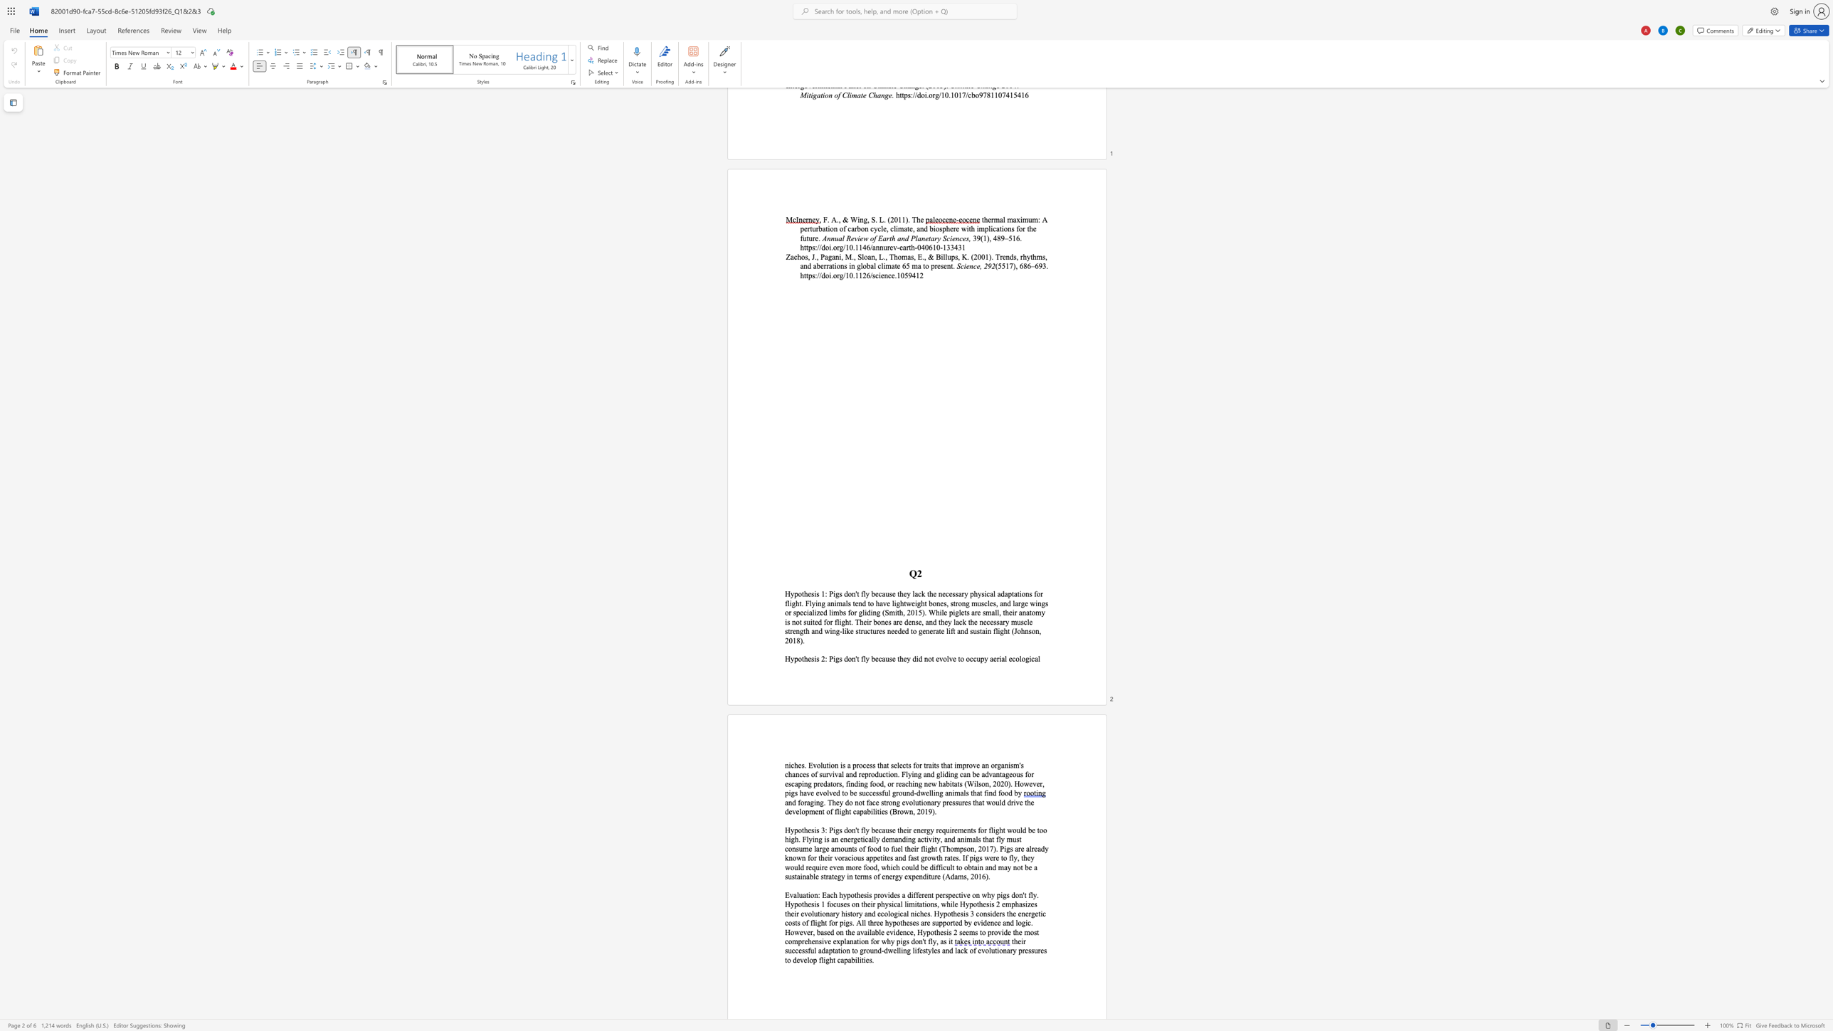 The width and height of the screenshot is (1833, 1031). What do you see at coordinates (960, 657) in the screenshot?
I see `the space between the continuous character "t" and "o" in the text` at bounding box center [960, 657].